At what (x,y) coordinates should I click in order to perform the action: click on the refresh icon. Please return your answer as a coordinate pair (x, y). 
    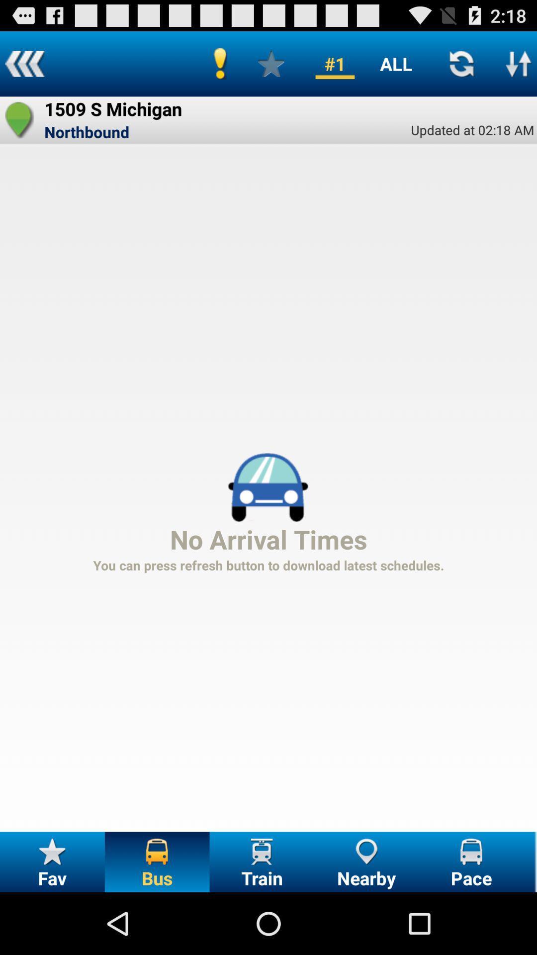
    Looking at the image, I should click on (461, 68).